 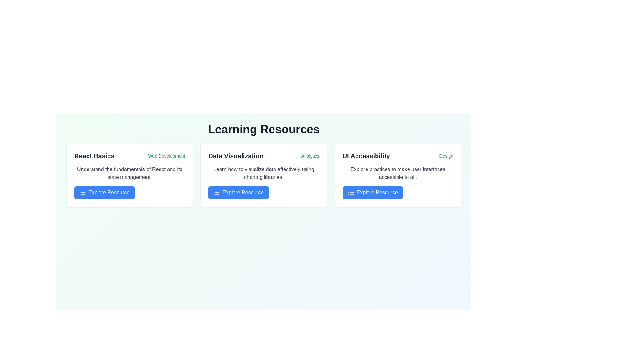 What do you see at coordinates (350, 192) in the screenshot?
I see `the icon representing list or menu functionality located centrally within the 'Explore Resource' button in the third card labeled 'UI Accessibility'` at bounding box center [350, 192].